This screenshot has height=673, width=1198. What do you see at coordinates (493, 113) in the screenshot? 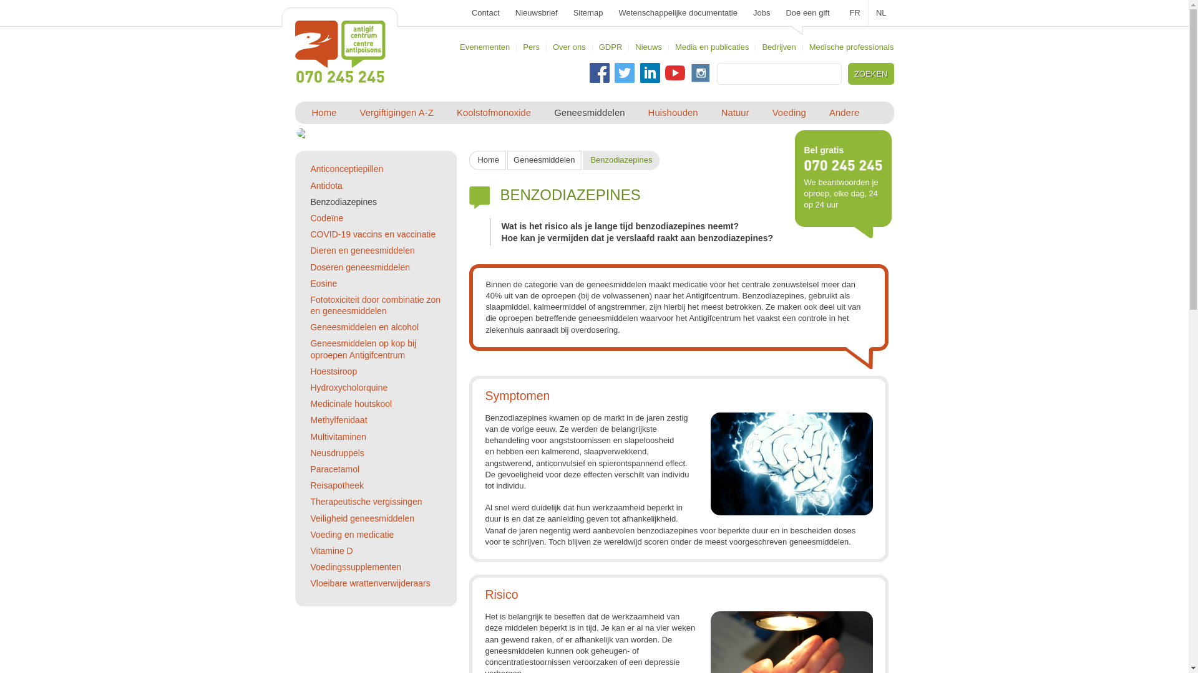
I see `'Koolstofmonoxide'` at bounding box center [493, 113].